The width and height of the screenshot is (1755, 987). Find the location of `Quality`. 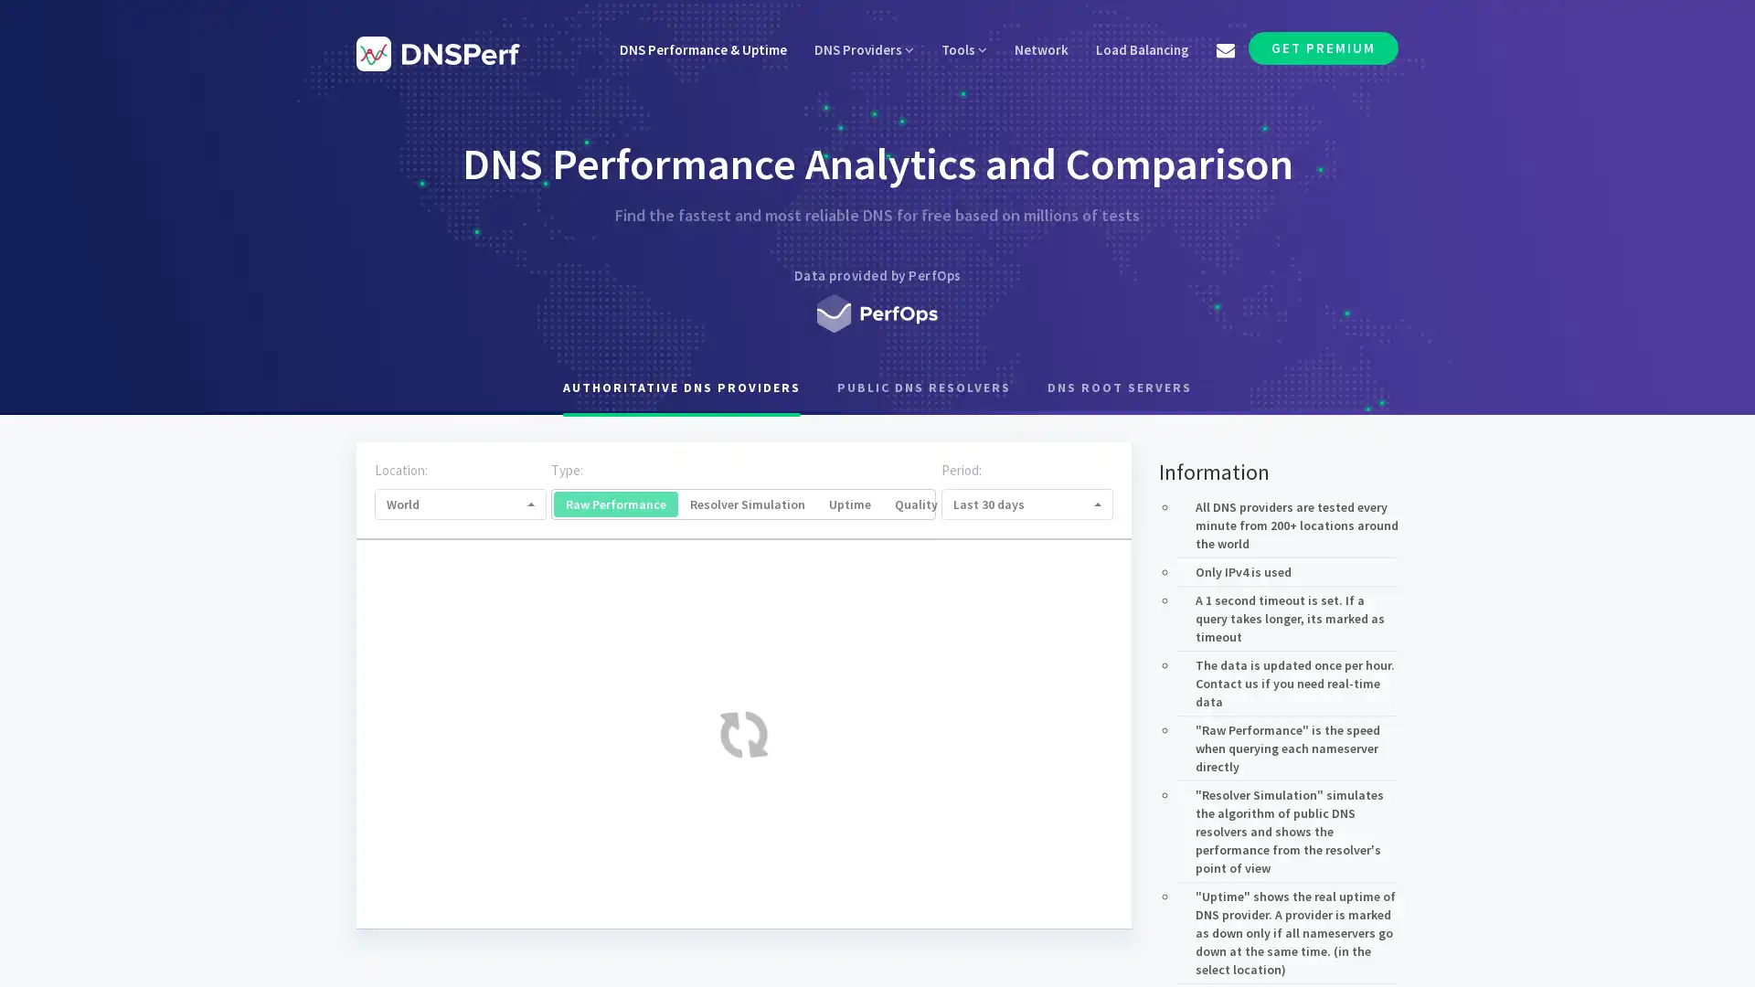

Quality is located at coordinates (916, 504).